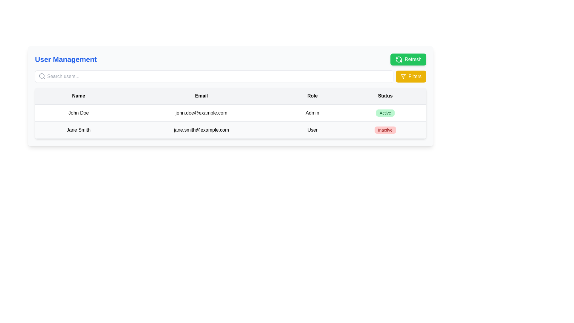 The width and height of the screenshot is (574, 323). I want to click on the filter icon located at the top-right corner of the interface, so click(403, 76).